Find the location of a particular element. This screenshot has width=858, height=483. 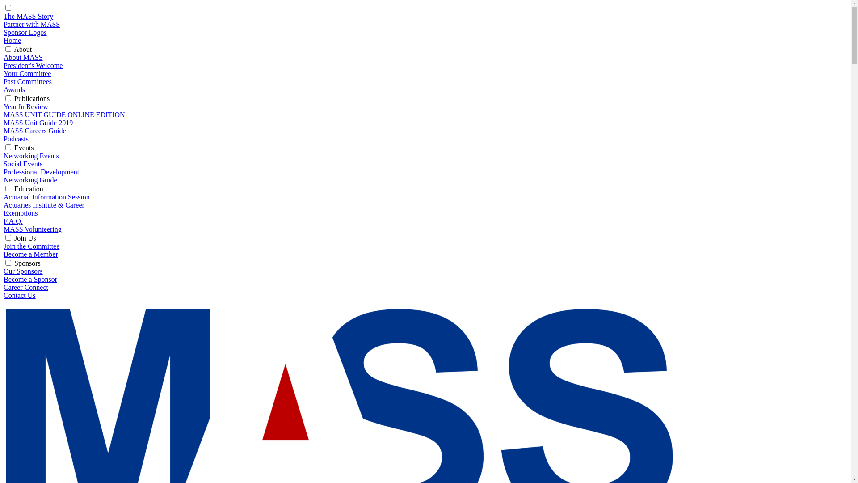

'Career Connect' is located at coordinates (25, 287).